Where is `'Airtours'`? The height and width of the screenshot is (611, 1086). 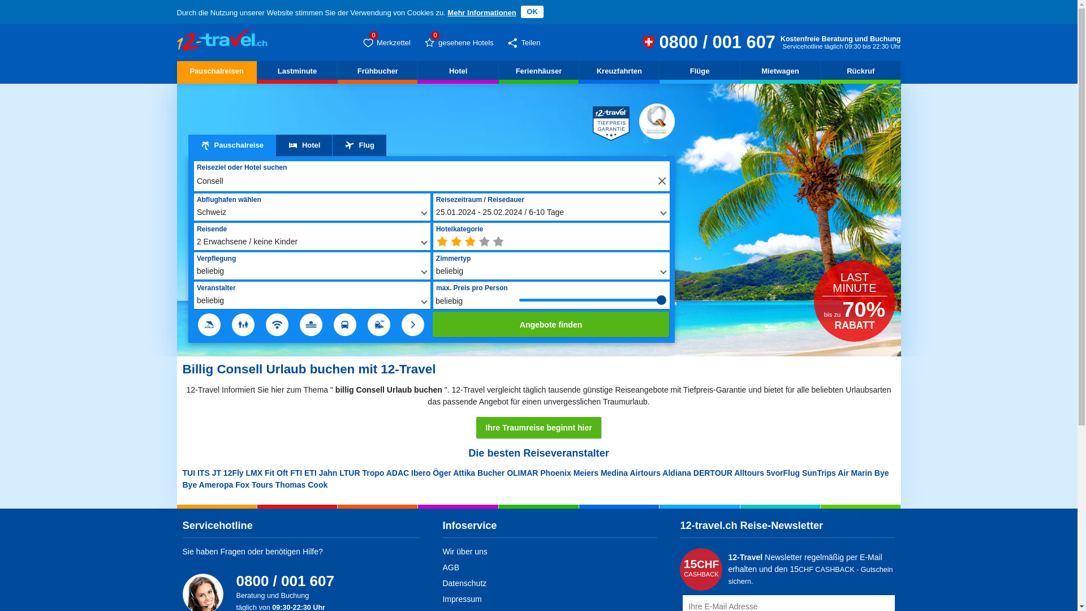
'Airtours' is located at coordinates (645, 473).